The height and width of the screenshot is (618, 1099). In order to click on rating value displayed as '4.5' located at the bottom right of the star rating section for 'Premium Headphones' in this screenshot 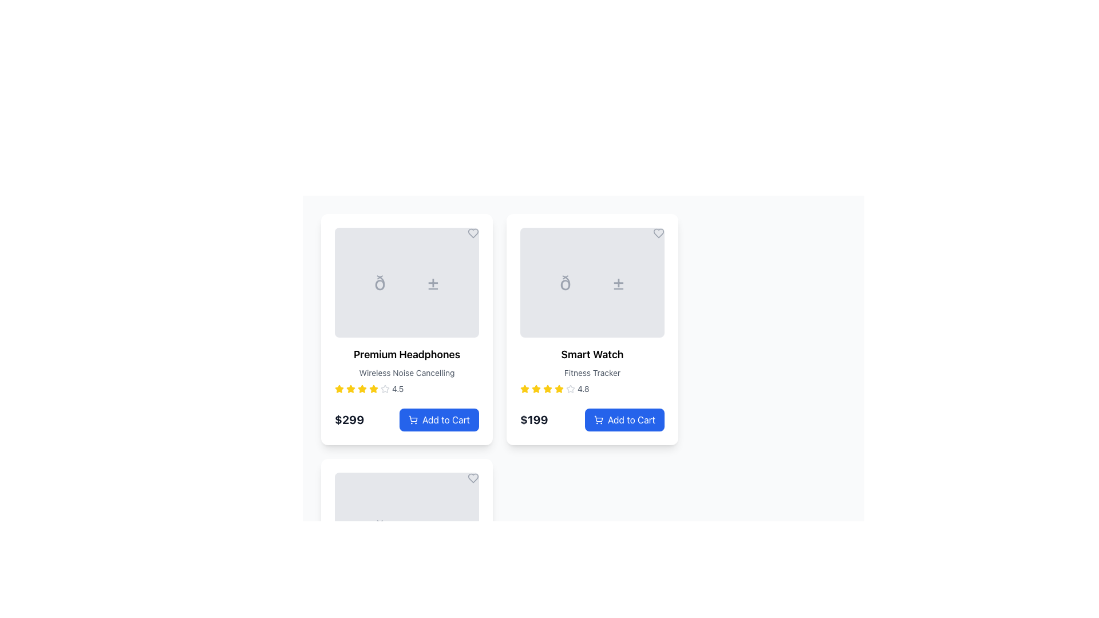, I will do `click(398, 388)`.